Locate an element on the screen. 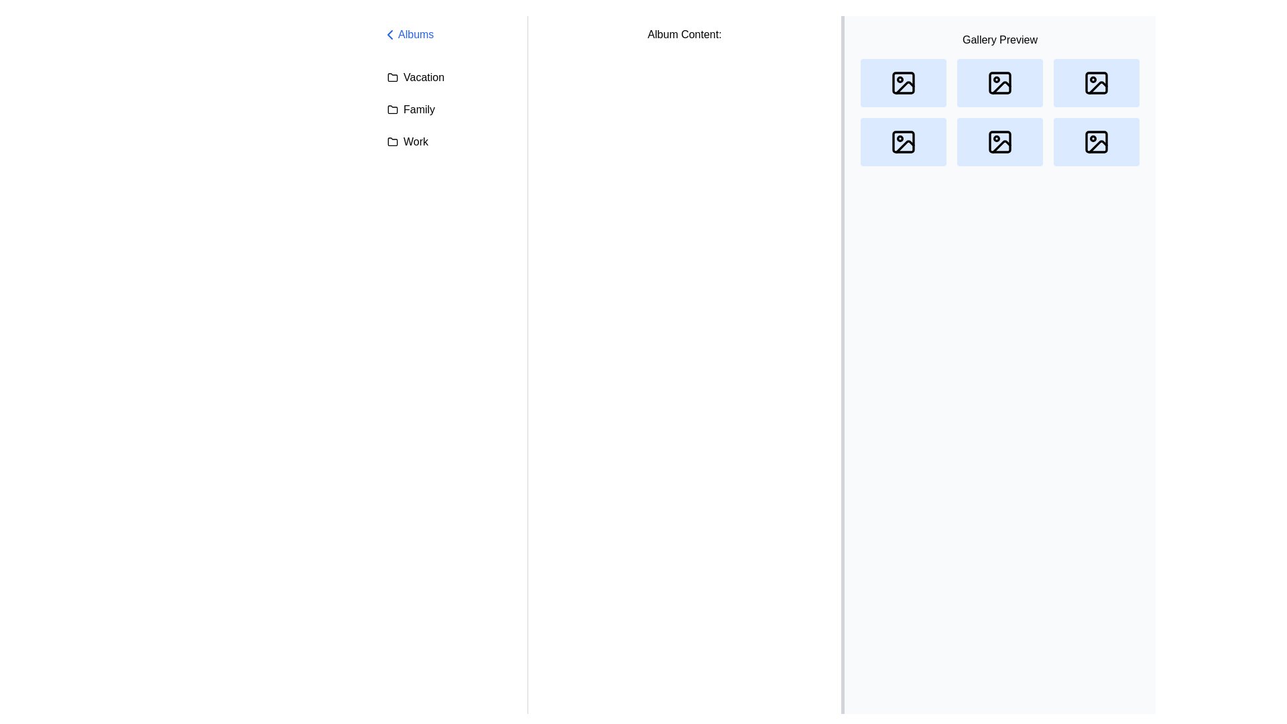 This screenshot has width=1287, height=724. on the Image Preview Placeholder in the Gallery Preview section, which is a rounded rectangle with a light blue background and a stylized image icon, located in the first row and second column of the 3x2 grid is located at coordinates (1000, 82).